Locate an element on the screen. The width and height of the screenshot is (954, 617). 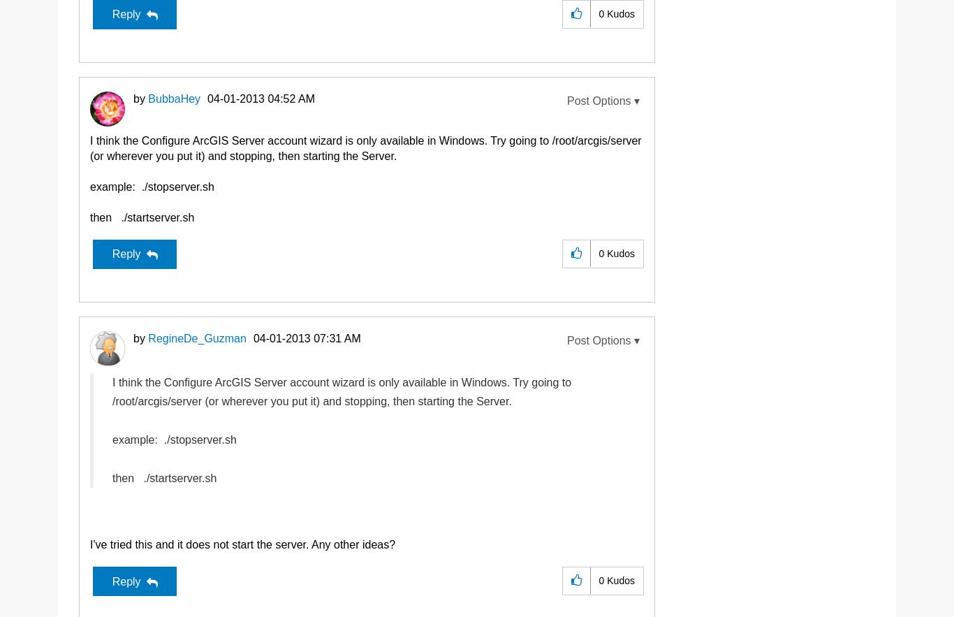
'I've tried this and it does not start the server. Any other ideas?' is located at coordinates (242, 544).